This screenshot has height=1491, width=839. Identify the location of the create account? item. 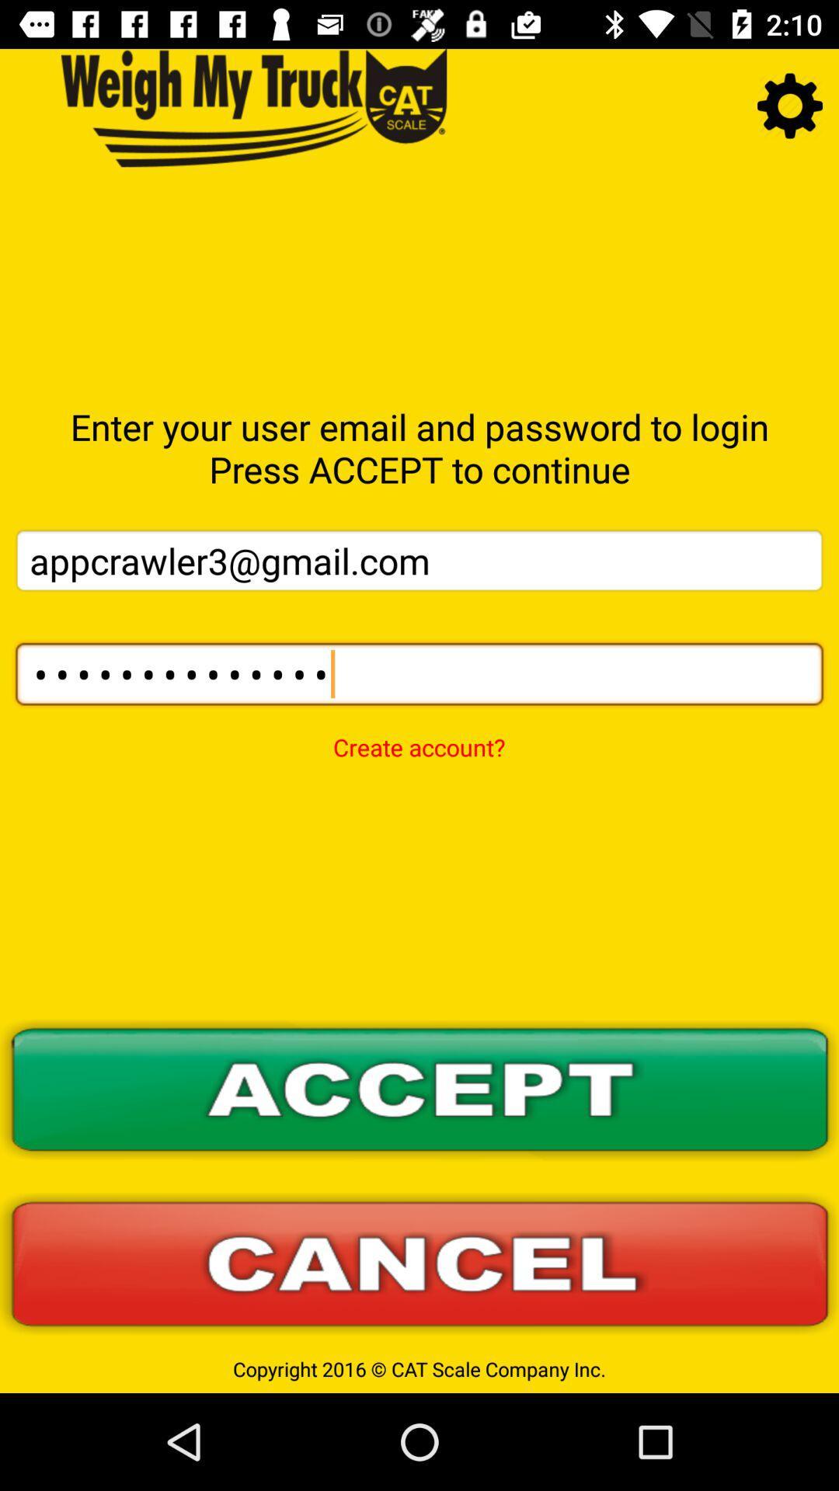
(418, 736).